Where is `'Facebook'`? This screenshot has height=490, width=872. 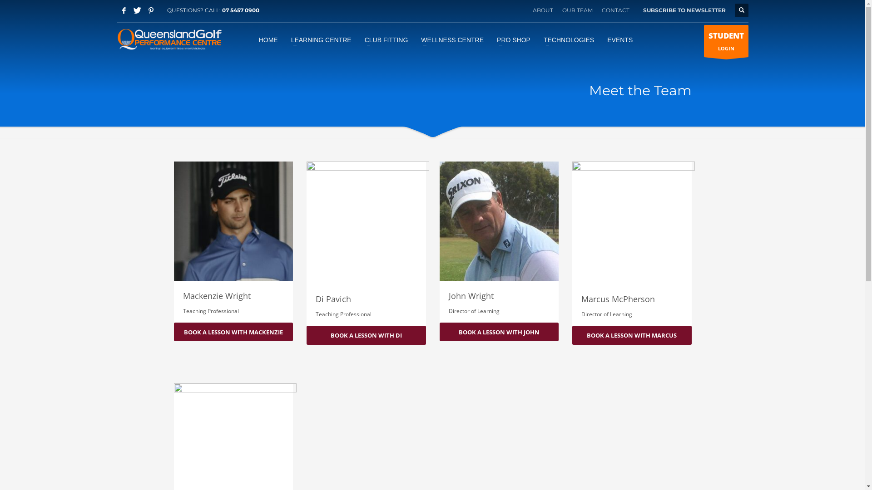 'Facebook' is located at coordinates (124, 10).